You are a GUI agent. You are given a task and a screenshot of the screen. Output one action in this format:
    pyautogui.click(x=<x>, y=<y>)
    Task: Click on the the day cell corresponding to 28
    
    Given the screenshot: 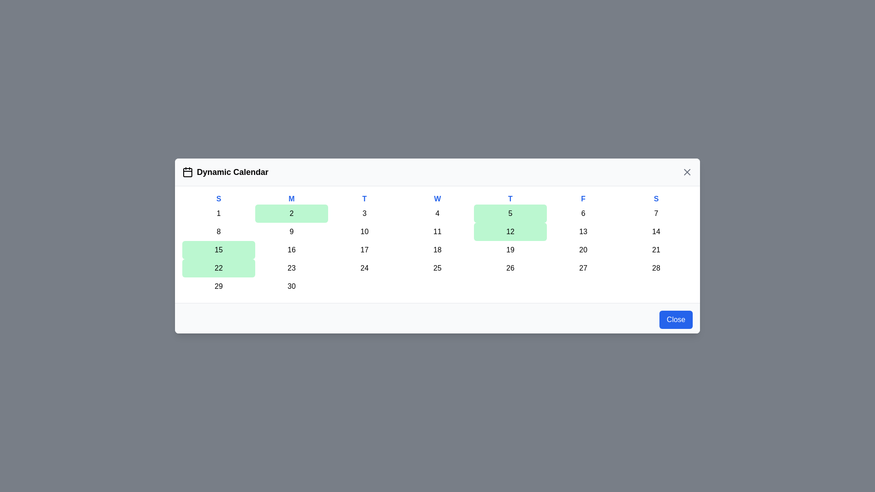 What is the action you would take?
    pyautogui.click(x=656, y=268)
    